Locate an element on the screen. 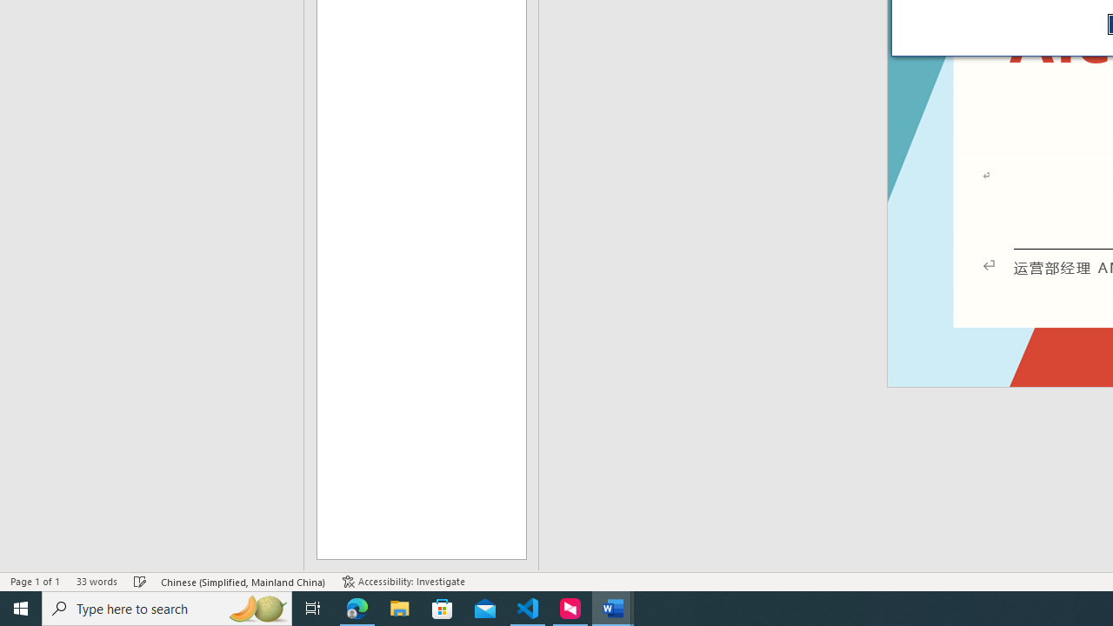  'Search highlights icon opens search home window' is located at coordinates (256, 607).